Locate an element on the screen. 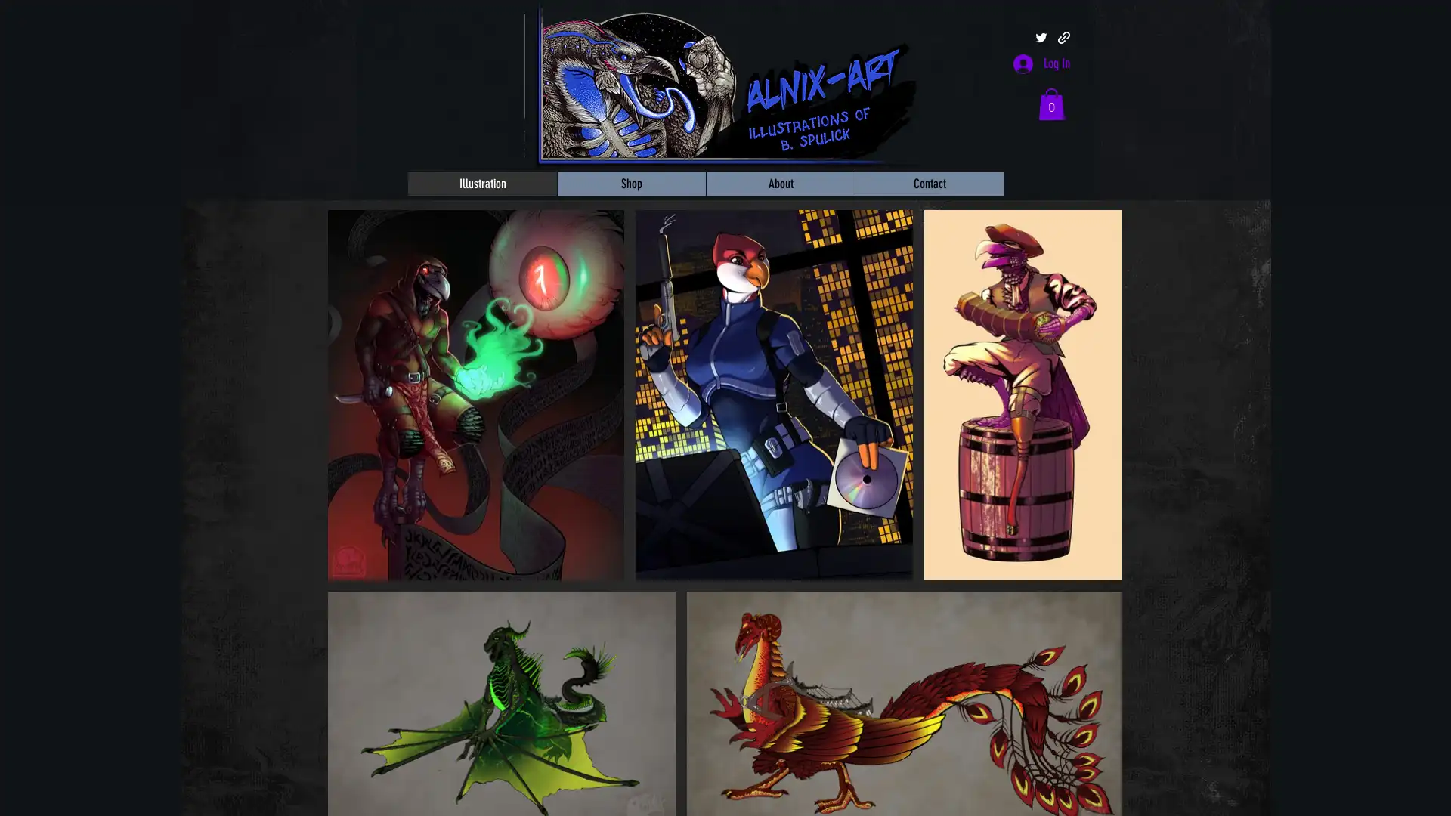  Spulick_KenkuWarlock.jpg is located at coordinates (475, 394).